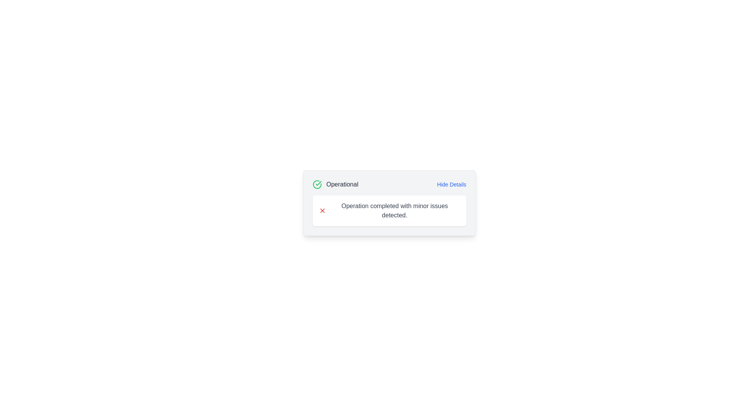 The image size is (742, 417). Describe the element at coordinates (317, 185) in the screenshot. I see `the circular checkmark icon with a green outline that indicates success, located to the left of the text 'Operational'` at that location.